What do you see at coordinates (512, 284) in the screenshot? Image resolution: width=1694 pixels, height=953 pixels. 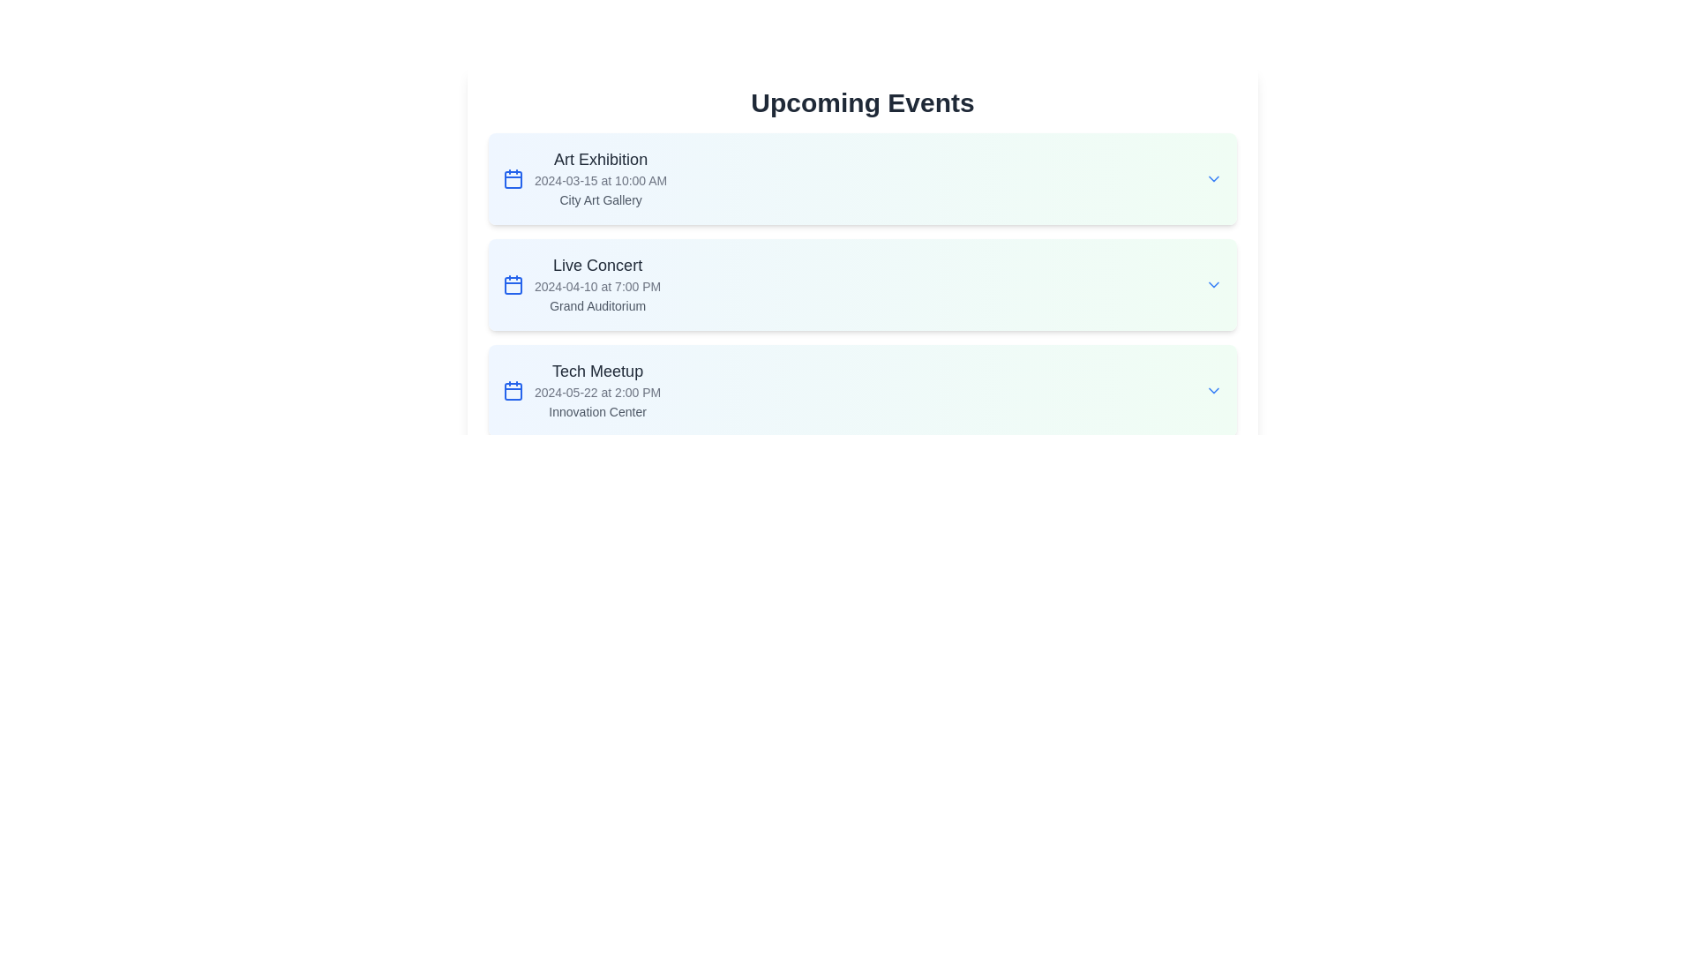 I see `the blue calendar icon in the 'Live Concert' section, located at the leftmost part next to '2024-04-10 at 7:00 PM'` at bounding box center [512, 284].